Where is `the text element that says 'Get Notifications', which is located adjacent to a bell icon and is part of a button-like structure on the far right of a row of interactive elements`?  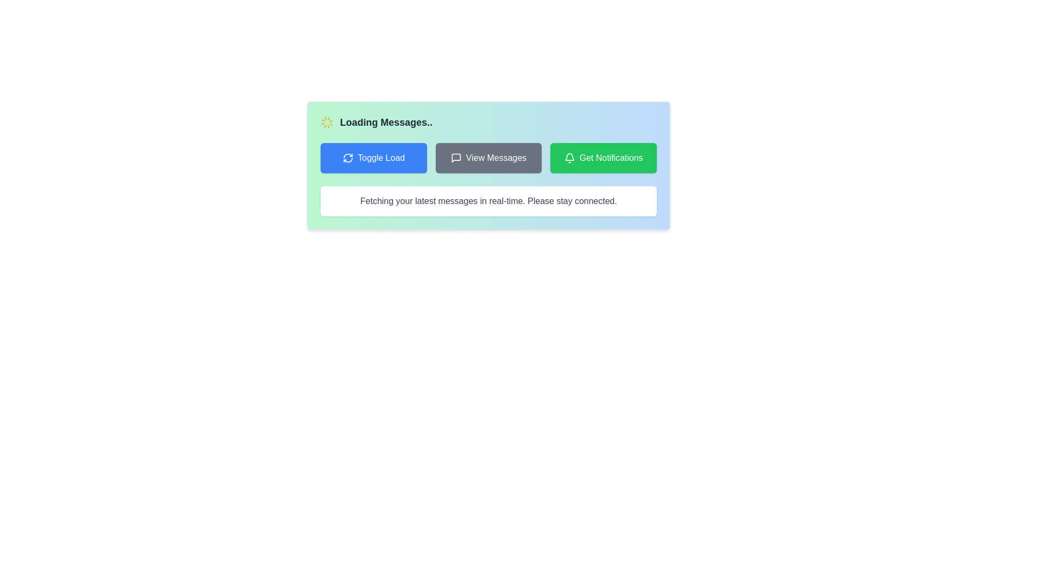 the text element that says 'Get Notifications', which is located adjacent to a bell icon and is part of a button-like structure on the far right of a row of interactive elements is located at coordinates (611, 158).